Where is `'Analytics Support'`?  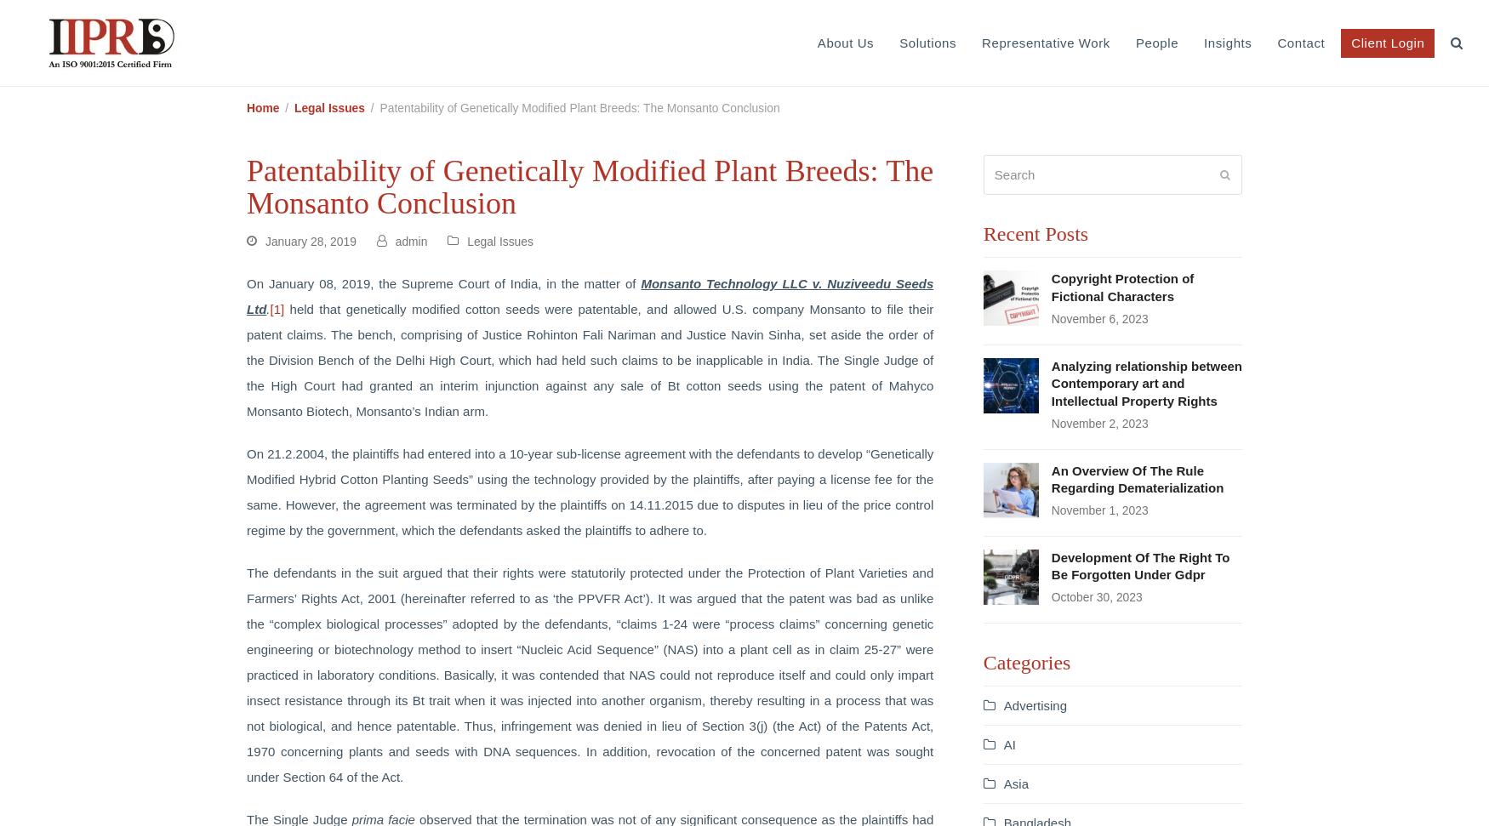 'Analytics Support' is located at coordinates (1316, 121).